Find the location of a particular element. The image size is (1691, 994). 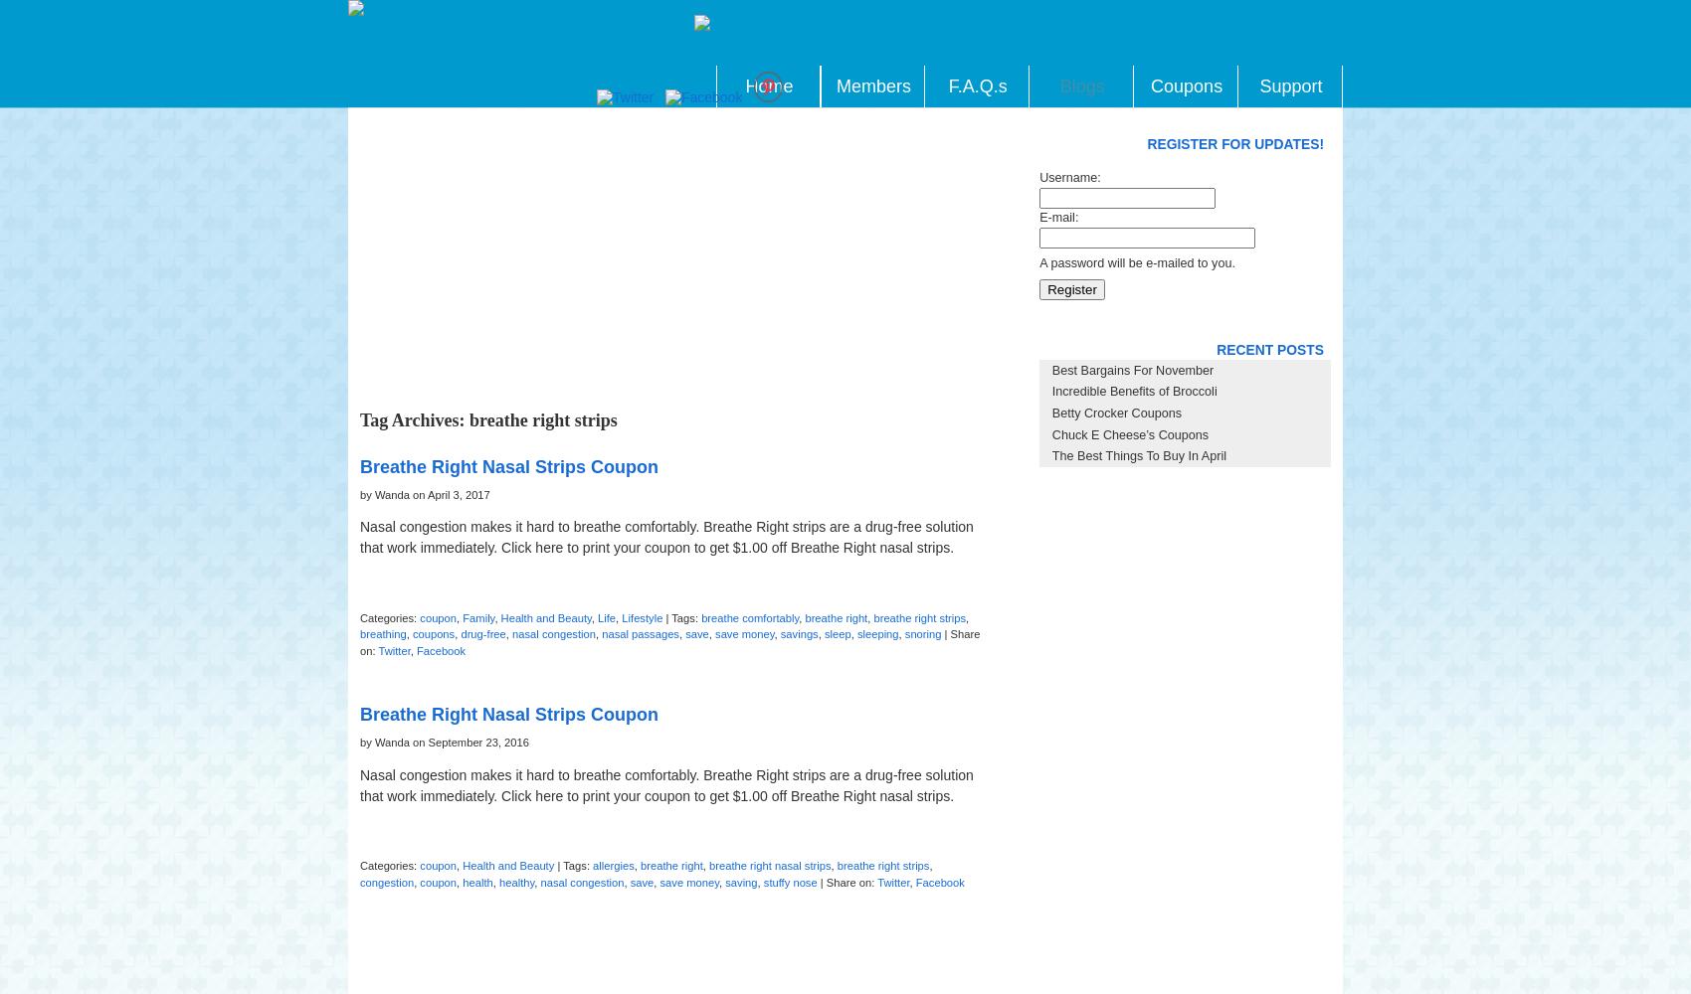

'F.A.Q.s' is located at coordinates (976, 85).